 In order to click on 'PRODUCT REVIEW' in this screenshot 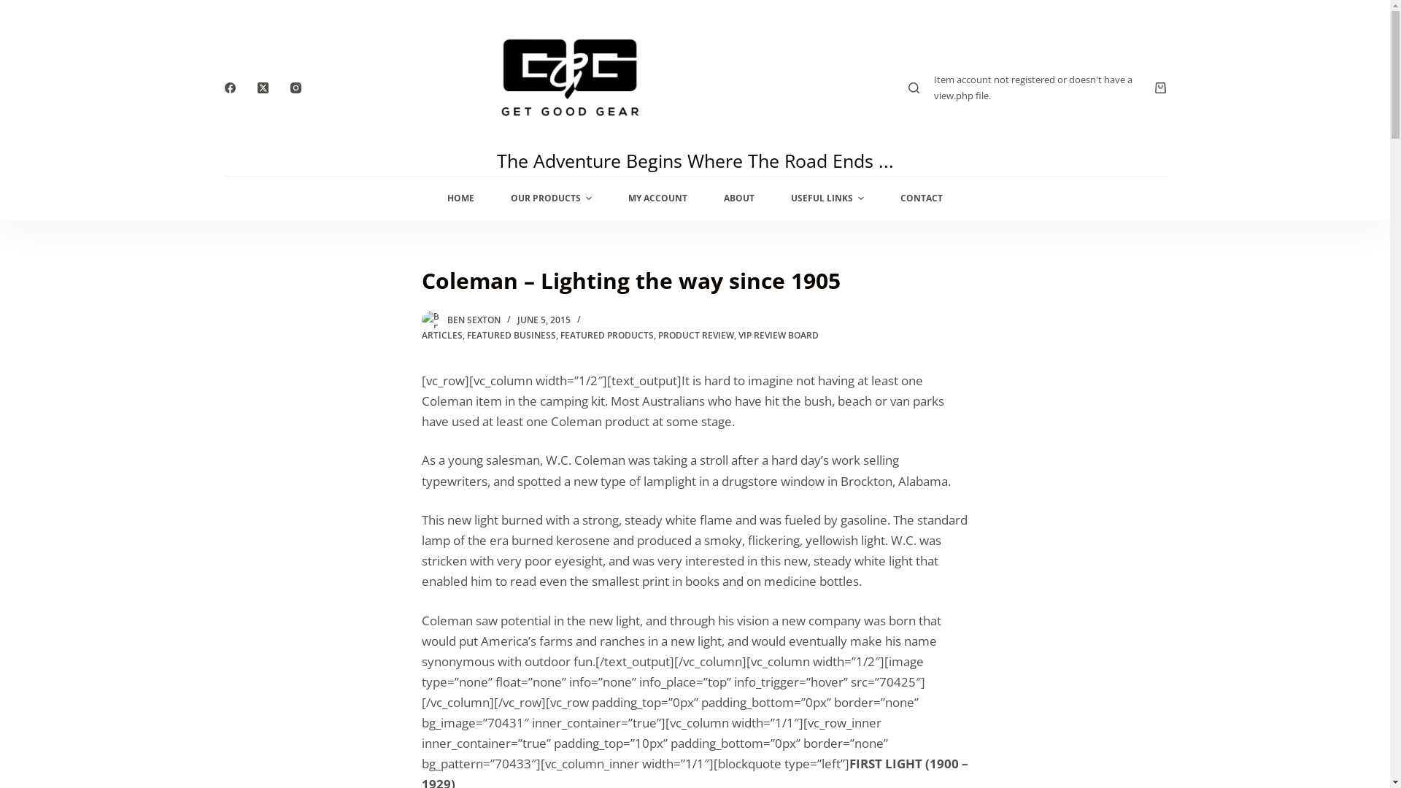, I will do `click(695, 335)`.